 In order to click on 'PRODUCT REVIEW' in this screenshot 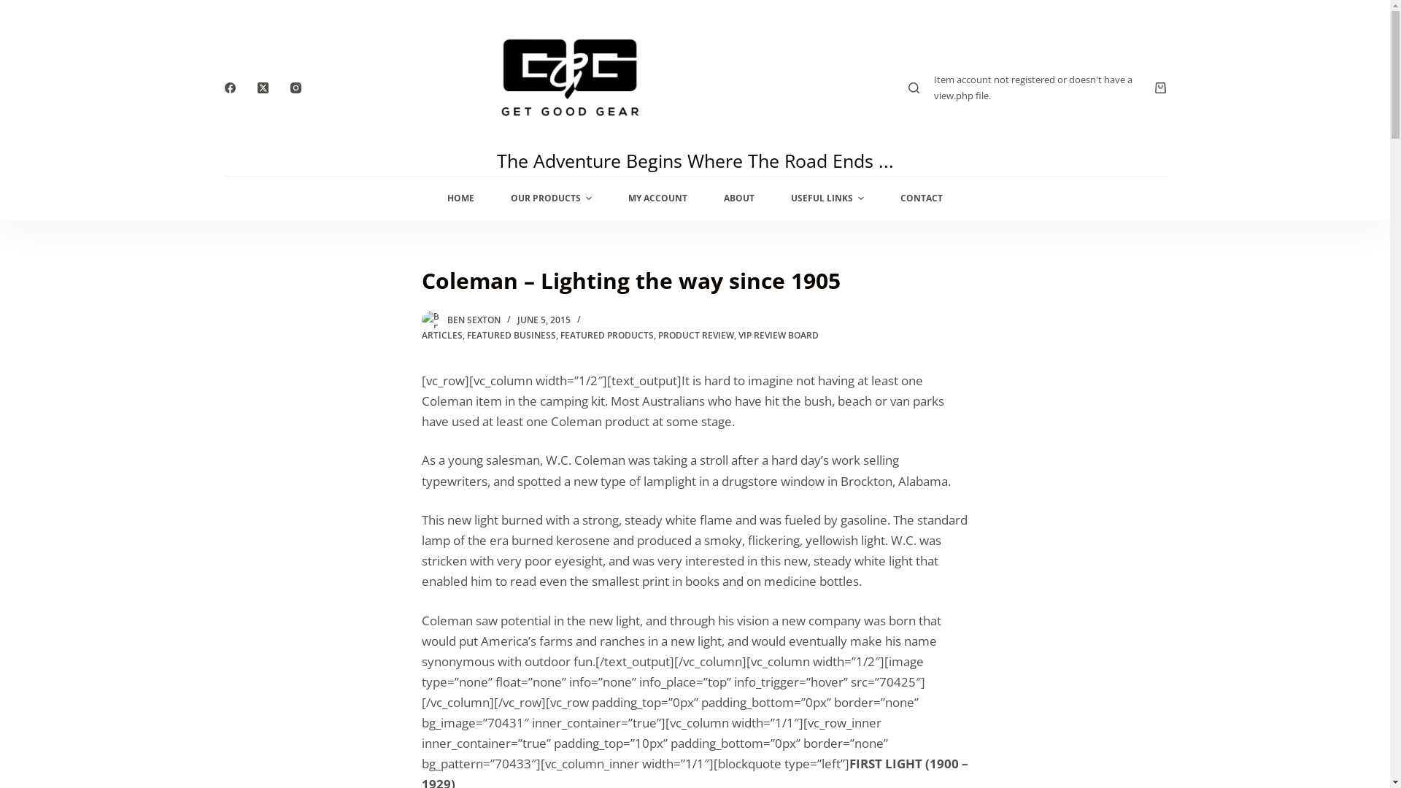, I will do `click(695, 335)`.